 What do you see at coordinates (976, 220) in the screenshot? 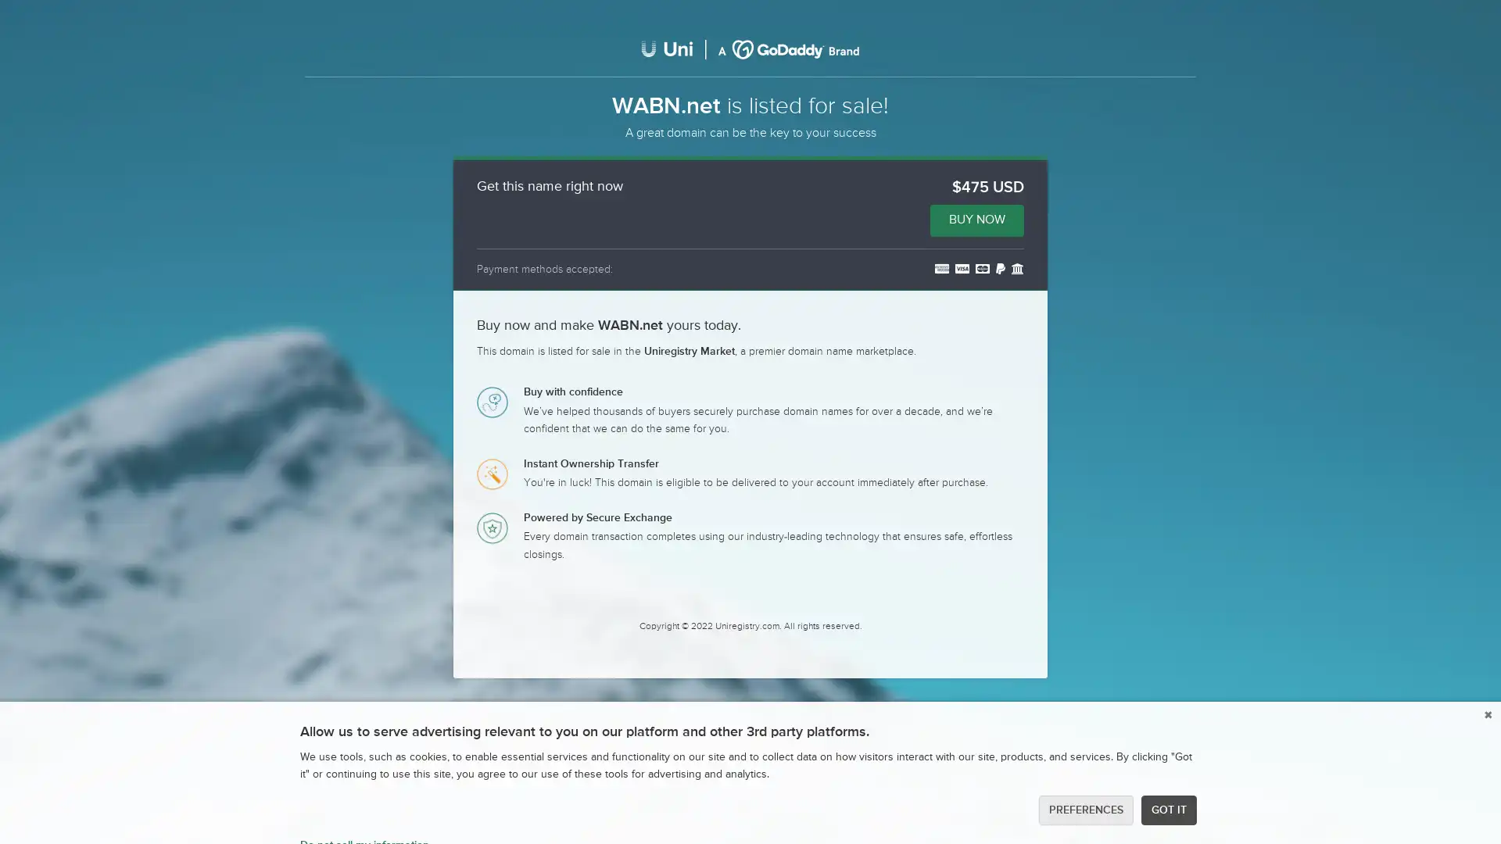
I see `BUY NOW` at bounding box center [976, 220].